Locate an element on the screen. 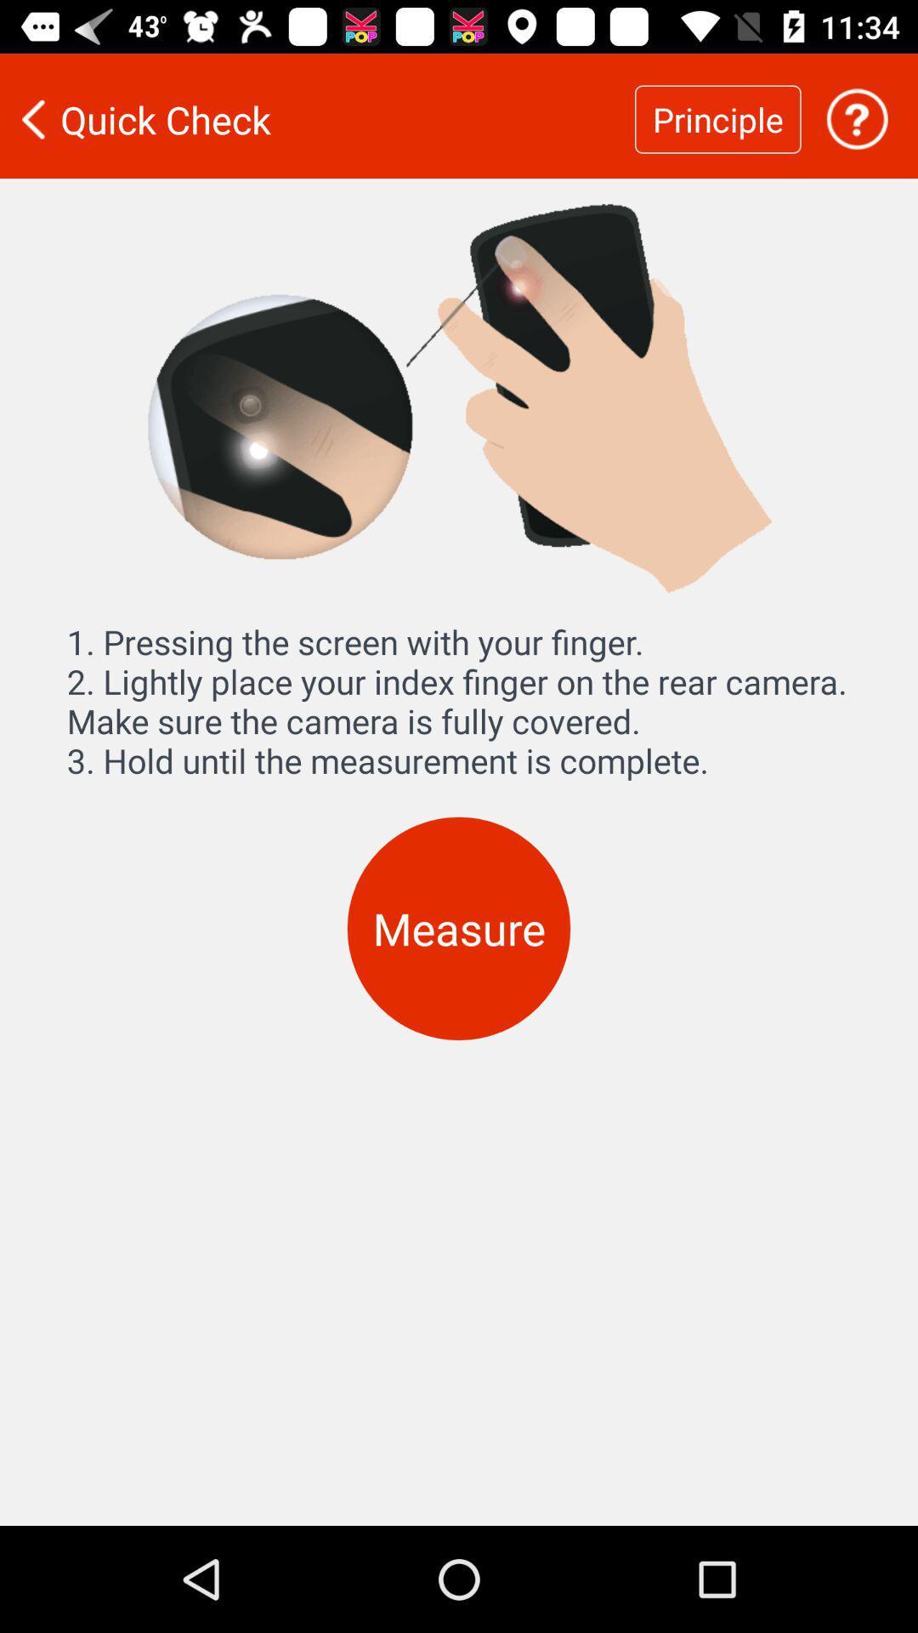 Image resolution: width=918 pixels, height=1633 pixels. item to the left of the principle icon is located at coordinates (317, 118).